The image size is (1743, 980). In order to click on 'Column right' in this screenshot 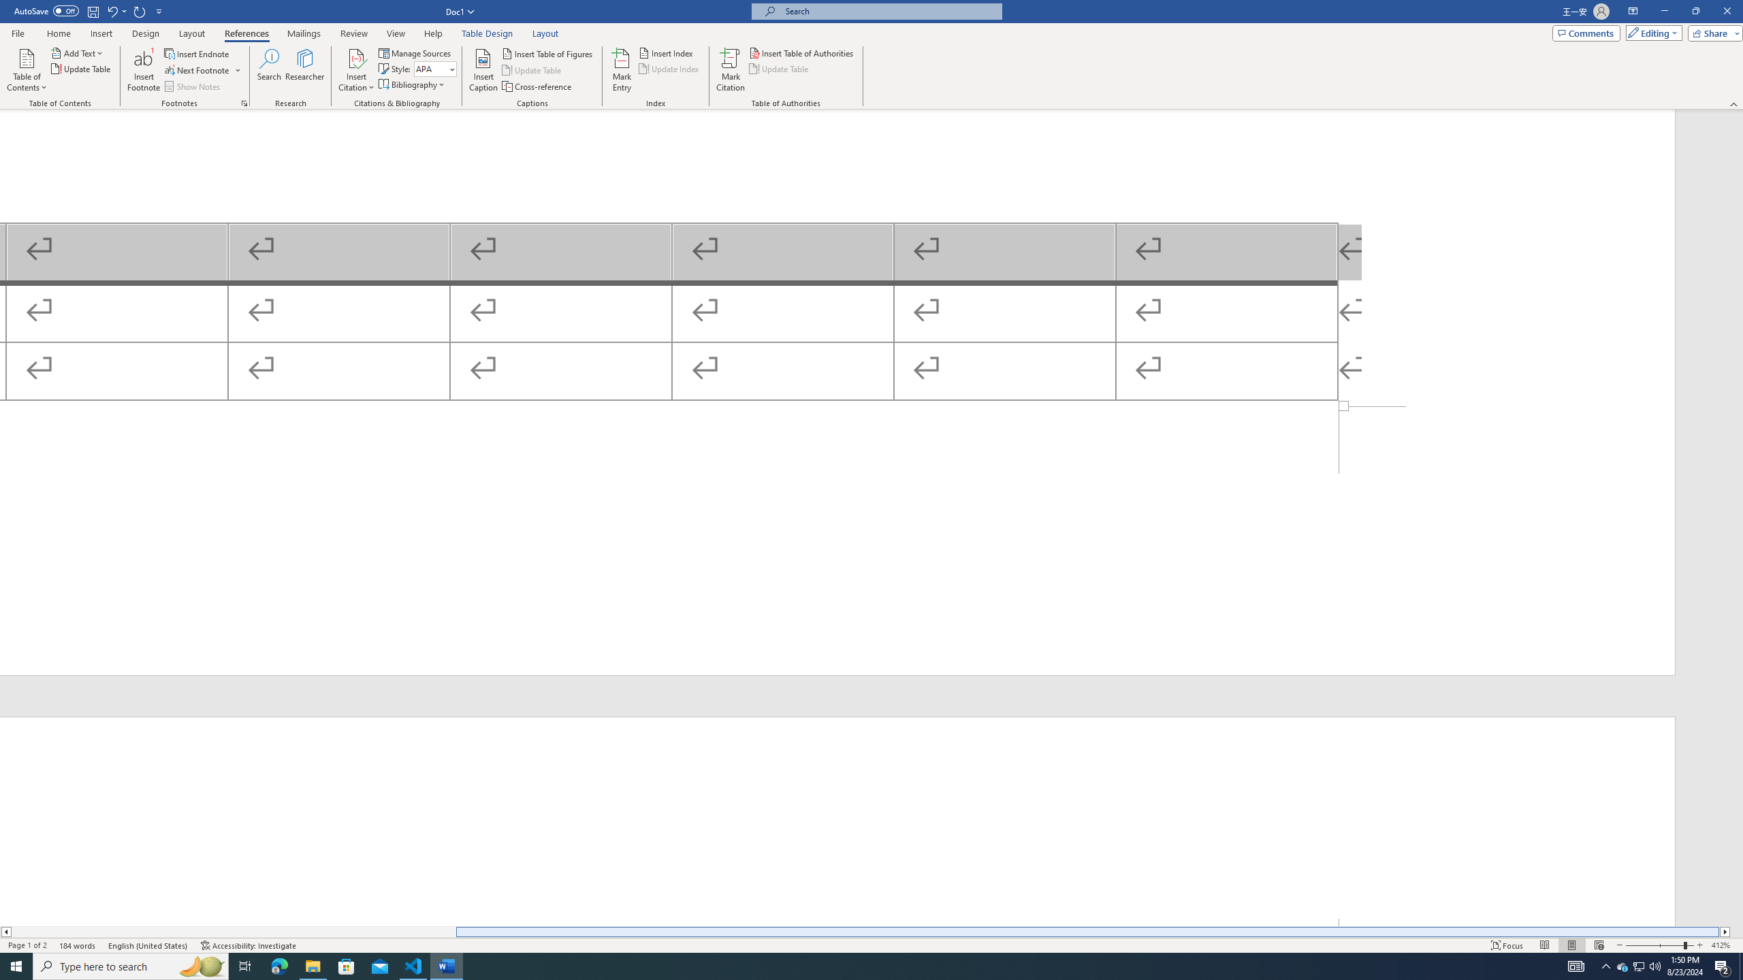, I will do `click(1725, 931)`.